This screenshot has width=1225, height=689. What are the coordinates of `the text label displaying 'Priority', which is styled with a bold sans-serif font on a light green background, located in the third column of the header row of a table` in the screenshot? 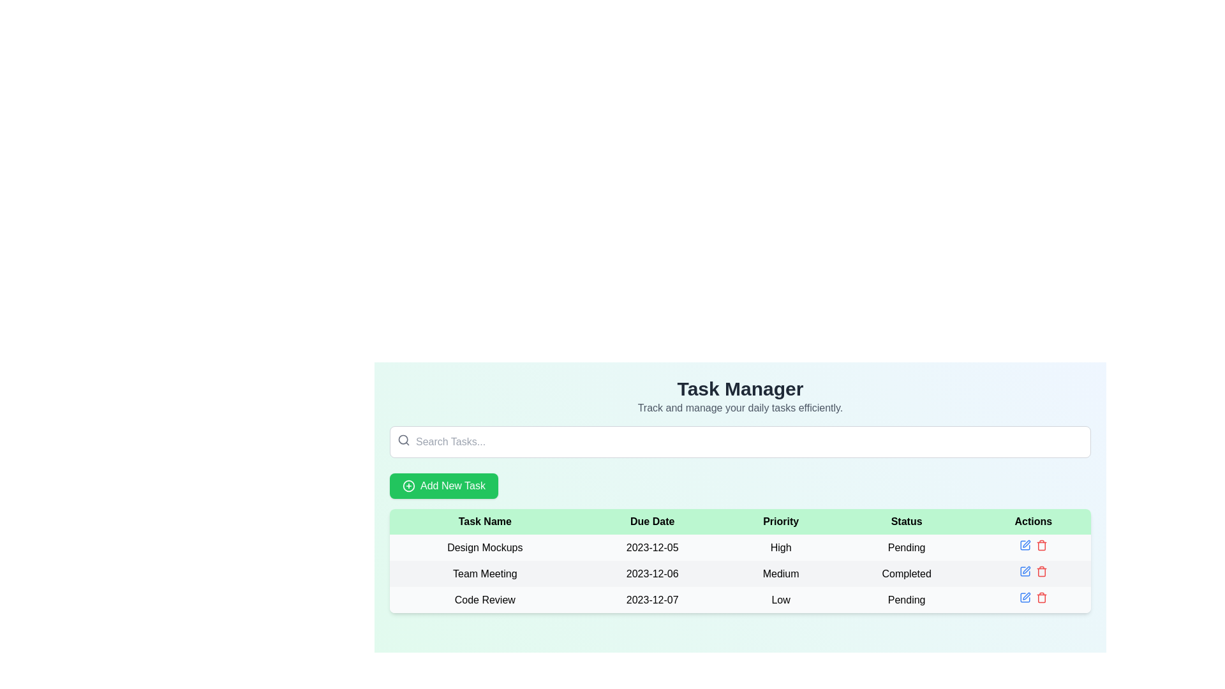 It's located at (780, 521).